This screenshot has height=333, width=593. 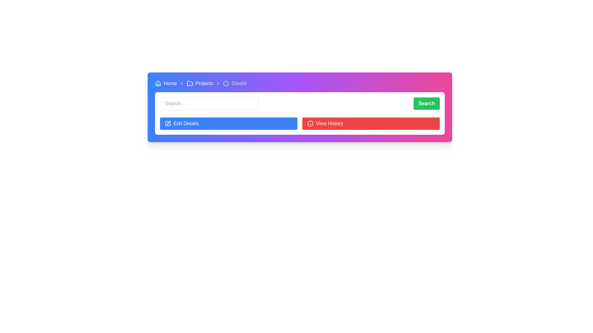 What do you see at coordinates (189, 83) in the screenshot?
I see `the folder-shaped icon located in the breadcrumb navigation bar, positioned between the 'Home' and 'Projects' labels` at bounding box center [189, 83].